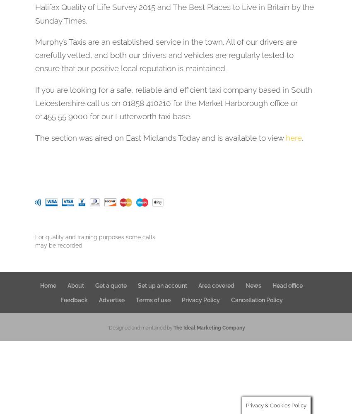  What do you see at coordinates (200, 299) in the screenshot?
I see `'Privacy Policy'` at bounding box center [200, 299].